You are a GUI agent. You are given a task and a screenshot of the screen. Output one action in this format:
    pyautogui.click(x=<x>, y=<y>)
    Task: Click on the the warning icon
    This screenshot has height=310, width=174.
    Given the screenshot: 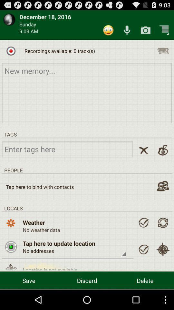 What is the action you would take?
    pyautogui.click(x=11, y=284)
    